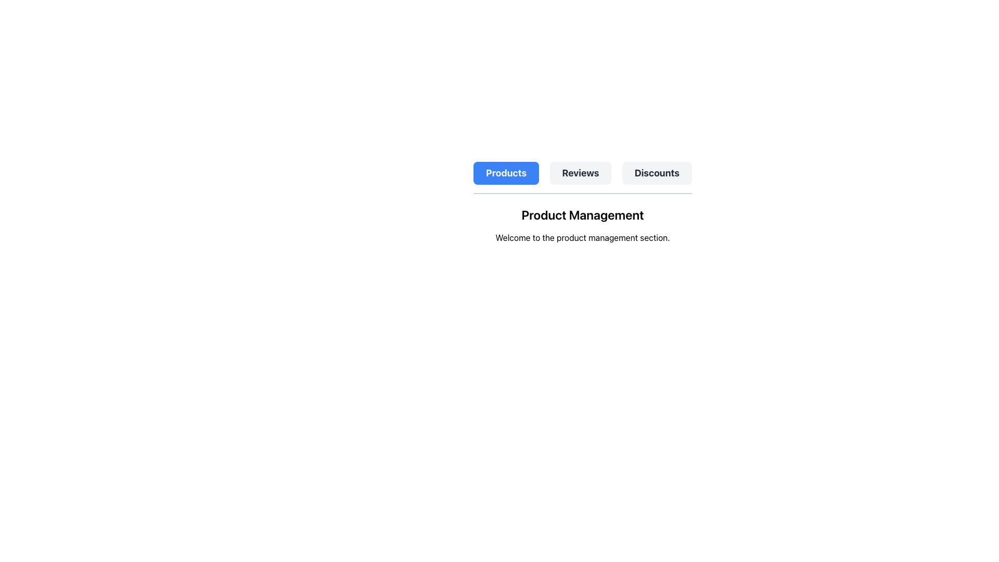 The image size is (999, 562). What do you see at coordinates (656, 172) in the screenshot?
I see `the third button from the left in the horizontal list, which navigates to the 'Discounts' section` at bounding box center [656, 172].